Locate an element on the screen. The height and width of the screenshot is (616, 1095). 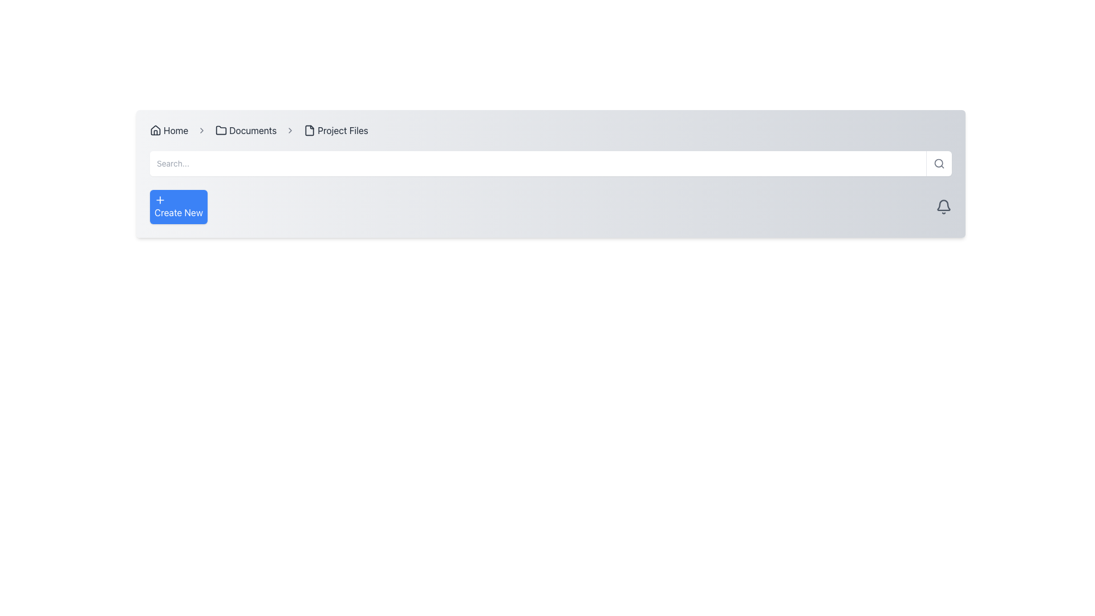
the small icon depicting a stylized file outline with a folded top-right corner, located in the breadcrumb navigation bar next to the text 'Project Files' is located at coordinates (310, 129).